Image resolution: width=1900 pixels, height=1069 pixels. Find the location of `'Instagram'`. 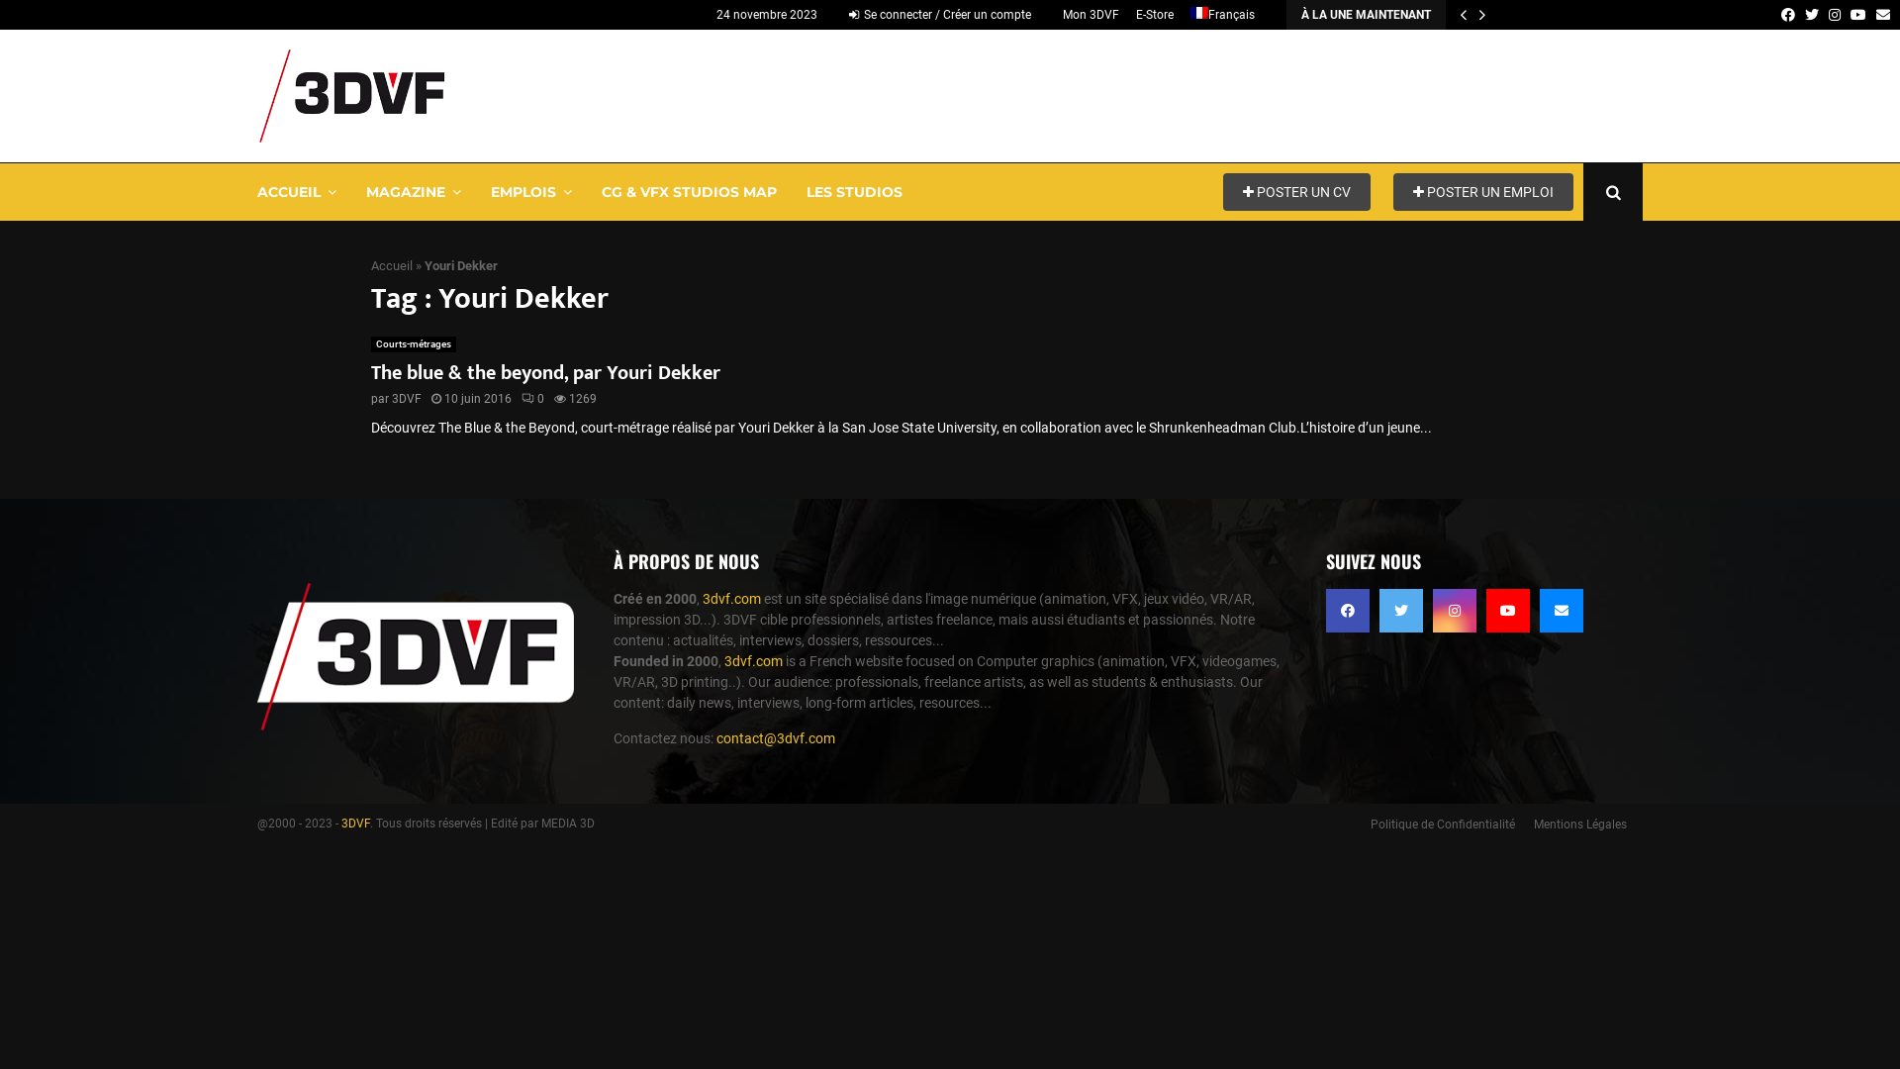

'Instagram' is located at coordinates (1454, 610).